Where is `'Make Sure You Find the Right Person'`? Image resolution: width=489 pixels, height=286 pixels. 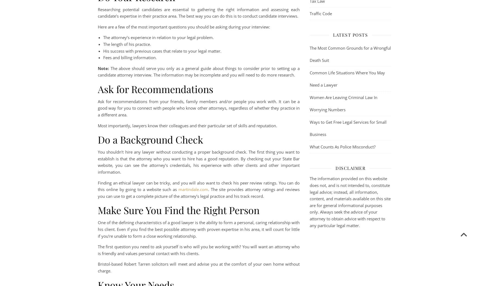 'Make Sure You Find the Right Person' is located at coordinates (178, 210).